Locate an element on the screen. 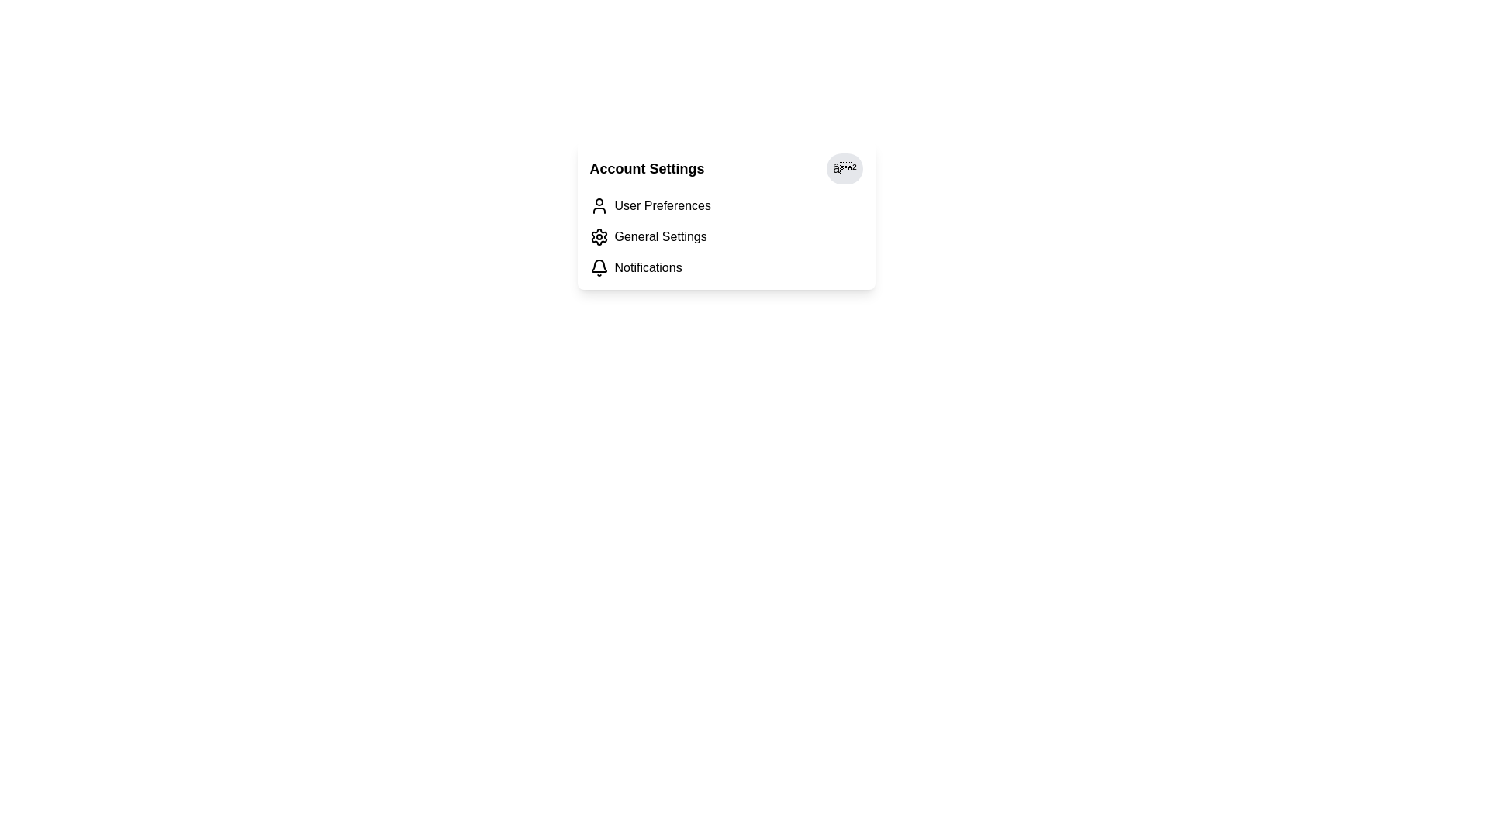 This screenshot has width=1489, height=837. the 'General Settings' menu item, which is the second item in the vertical list under 'Account Settings' is located at coordinates (725, 236).